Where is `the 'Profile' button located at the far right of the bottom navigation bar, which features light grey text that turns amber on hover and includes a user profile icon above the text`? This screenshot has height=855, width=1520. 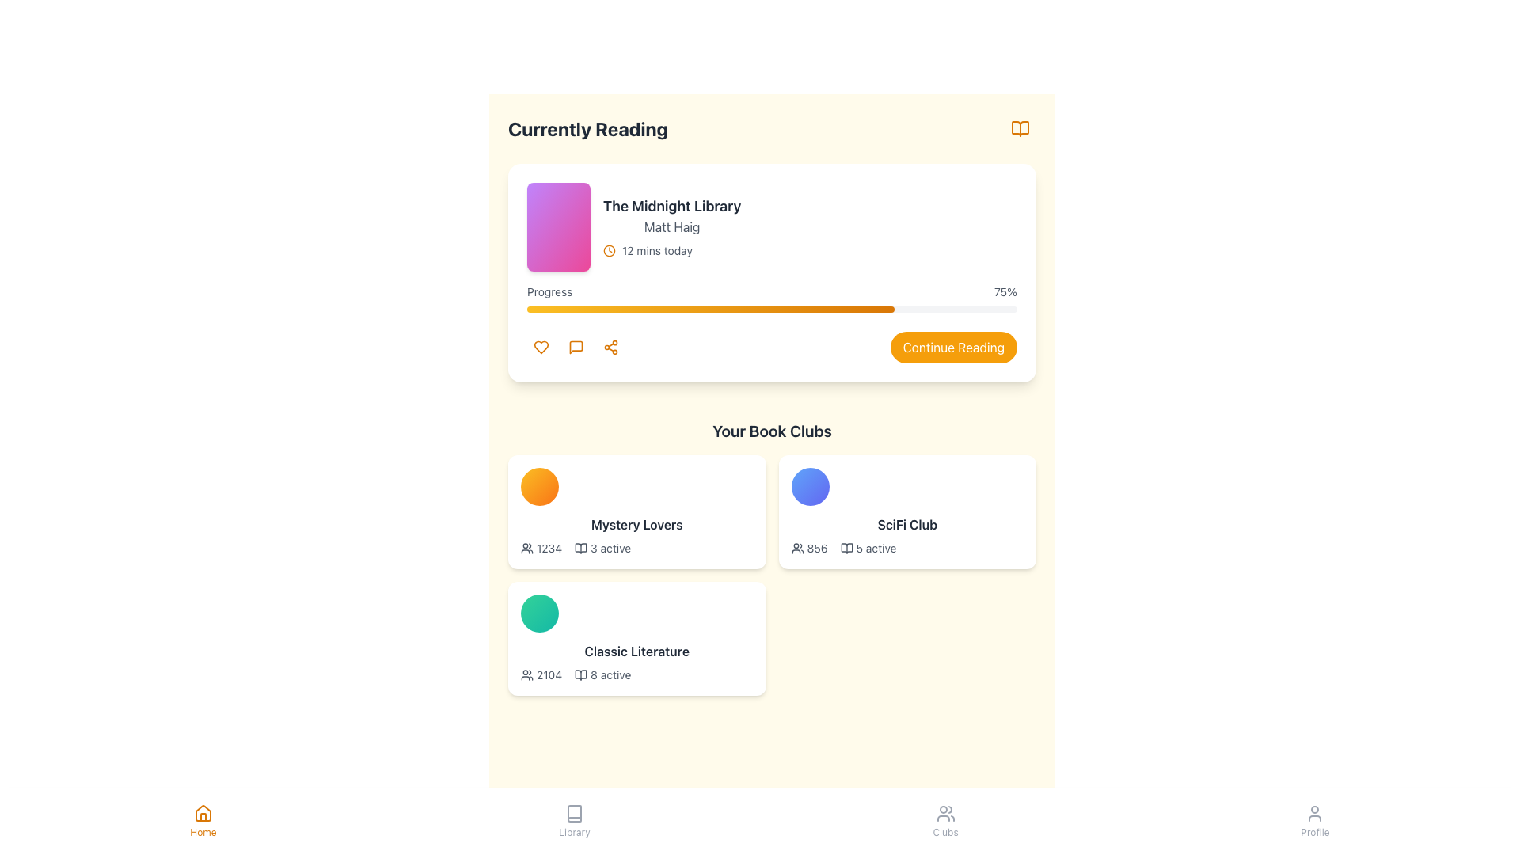
the 'Profile' button located at the far right of the bottom navigation bar, which features light grey text that turns amber on hover and includes a user profile icon above the text is located at coordinates (1315, 820).